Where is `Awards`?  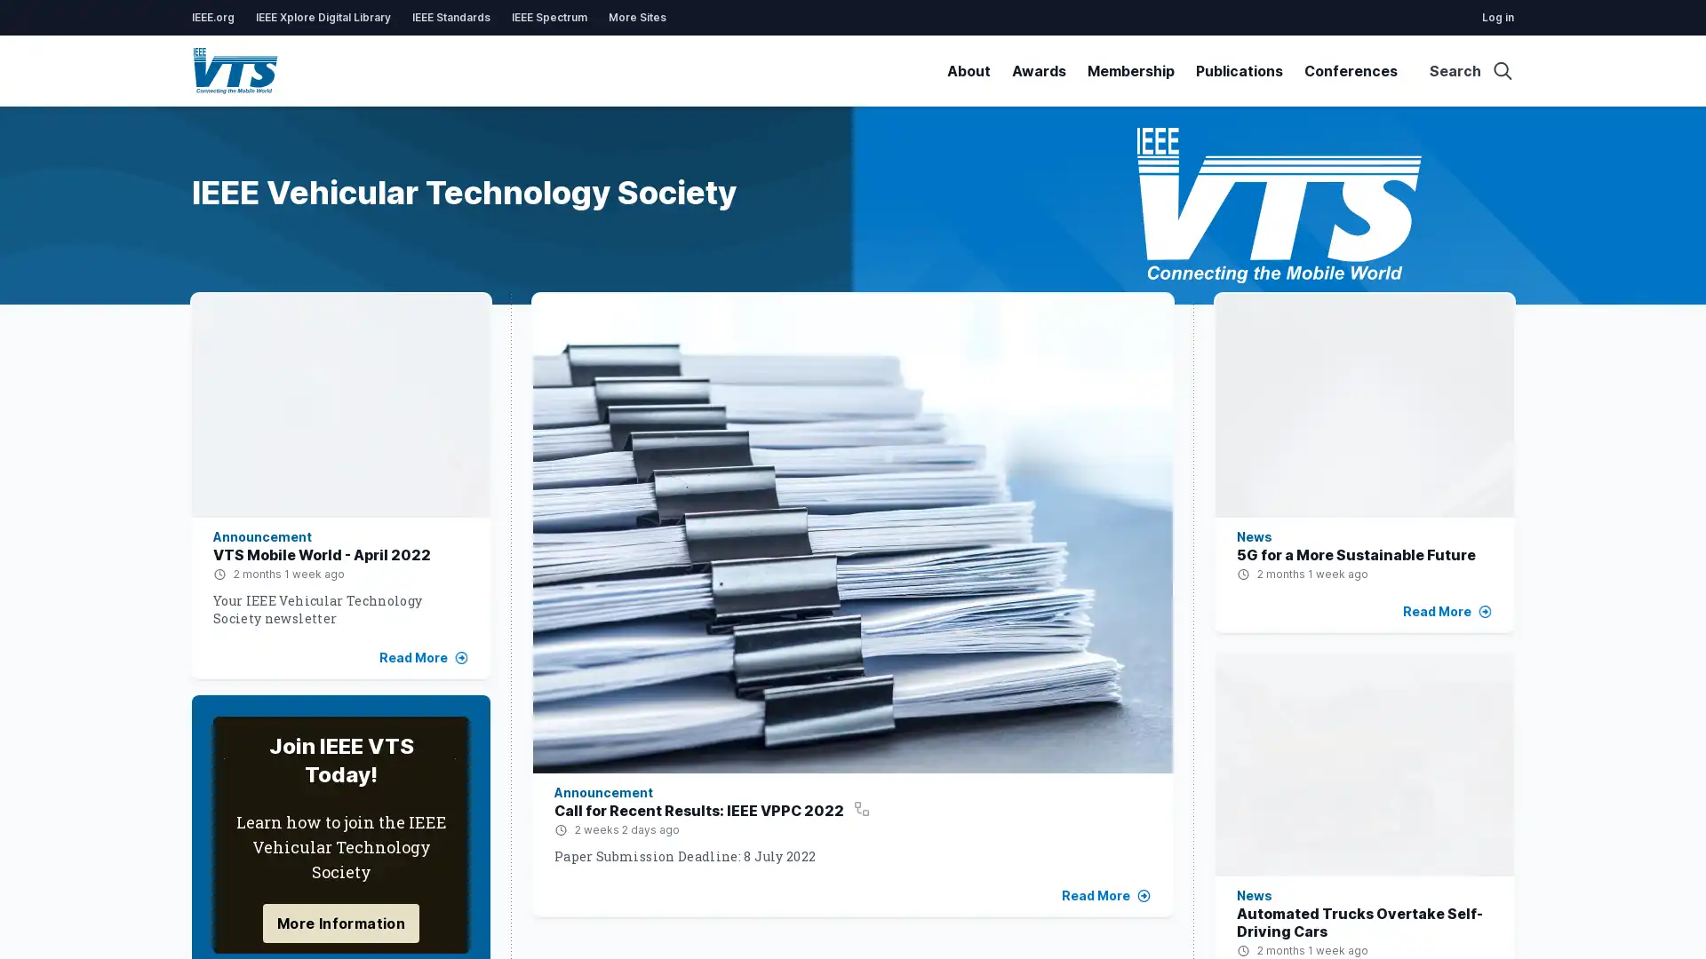 Awards is located at coordinates (1039, 70).